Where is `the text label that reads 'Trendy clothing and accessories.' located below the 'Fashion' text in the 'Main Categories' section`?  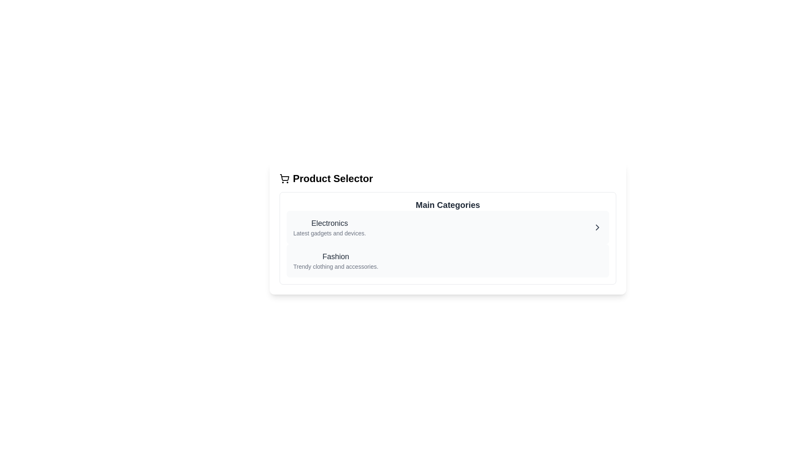
the text label that reads 'Trendy clothing and accessories.' located below the 'Fashion' text in the 'Main Categories' section is located at coordinates (336, 267).